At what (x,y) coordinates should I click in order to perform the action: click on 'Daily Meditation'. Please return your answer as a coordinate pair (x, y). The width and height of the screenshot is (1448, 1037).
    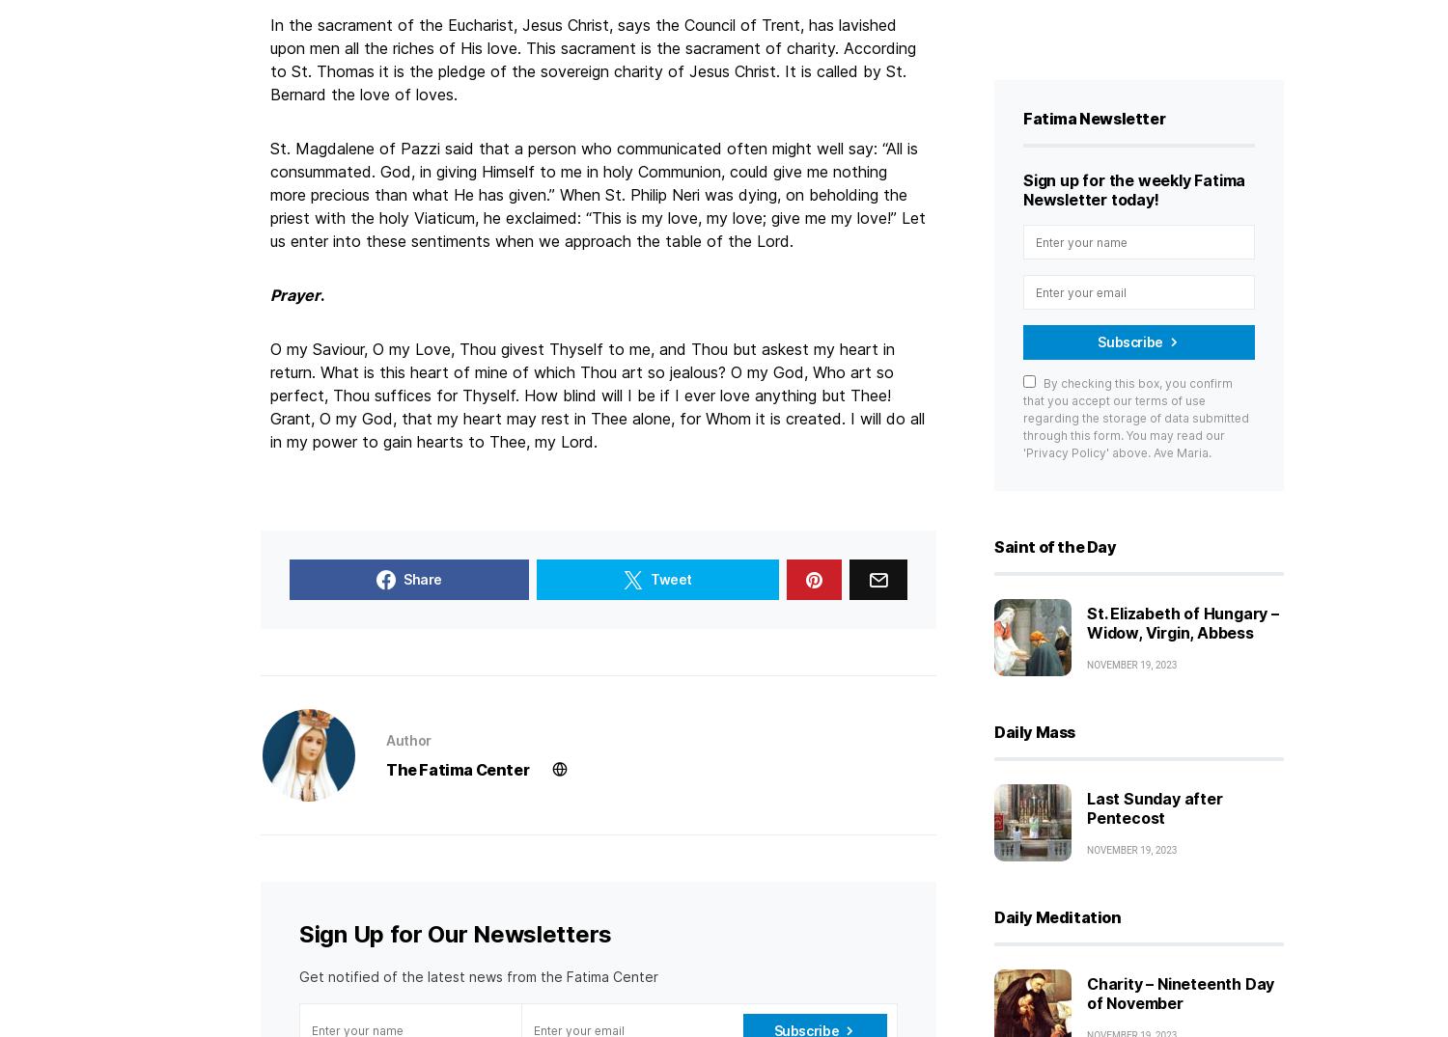
    Looking at the image, I should click on (1056, 917).